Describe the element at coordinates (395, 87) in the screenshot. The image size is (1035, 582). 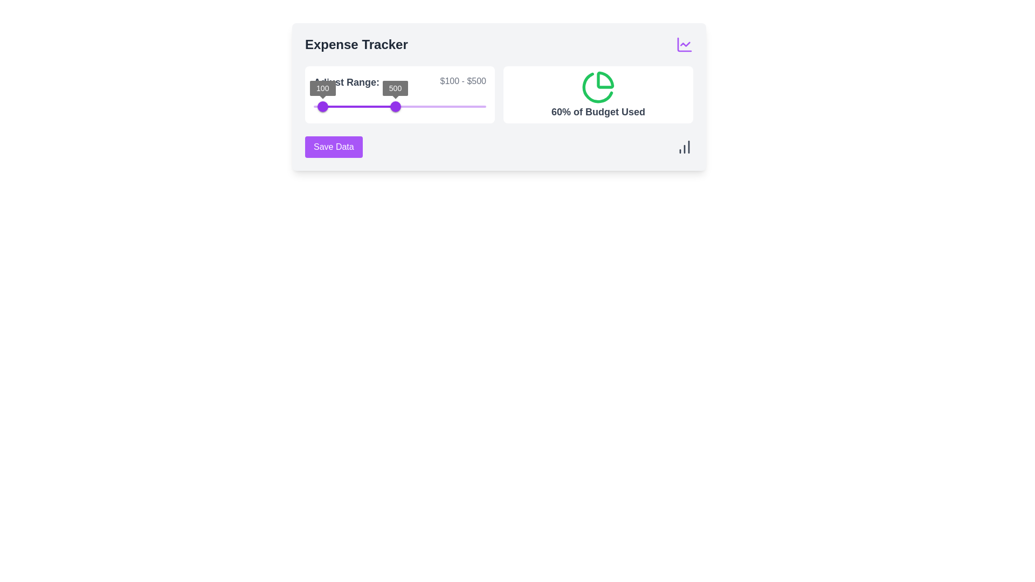
I see `the Value label for the second slider handle that displays the current value ('500') as it changes during slider adjustments in the 'Adjust Range' slider component` at that location.